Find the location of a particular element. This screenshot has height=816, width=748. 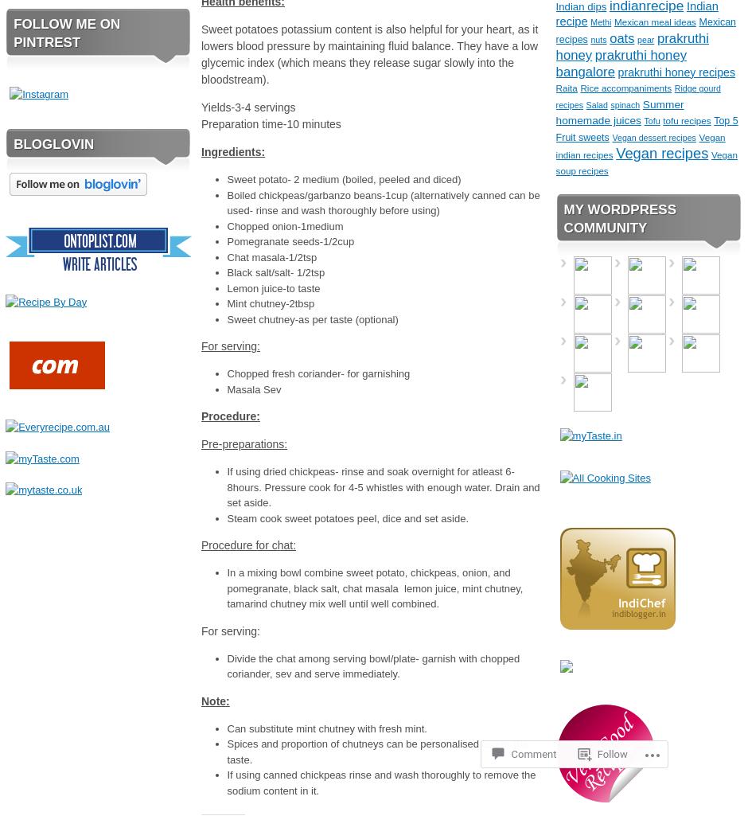

'spinach' is located at coordinates (625, 103).